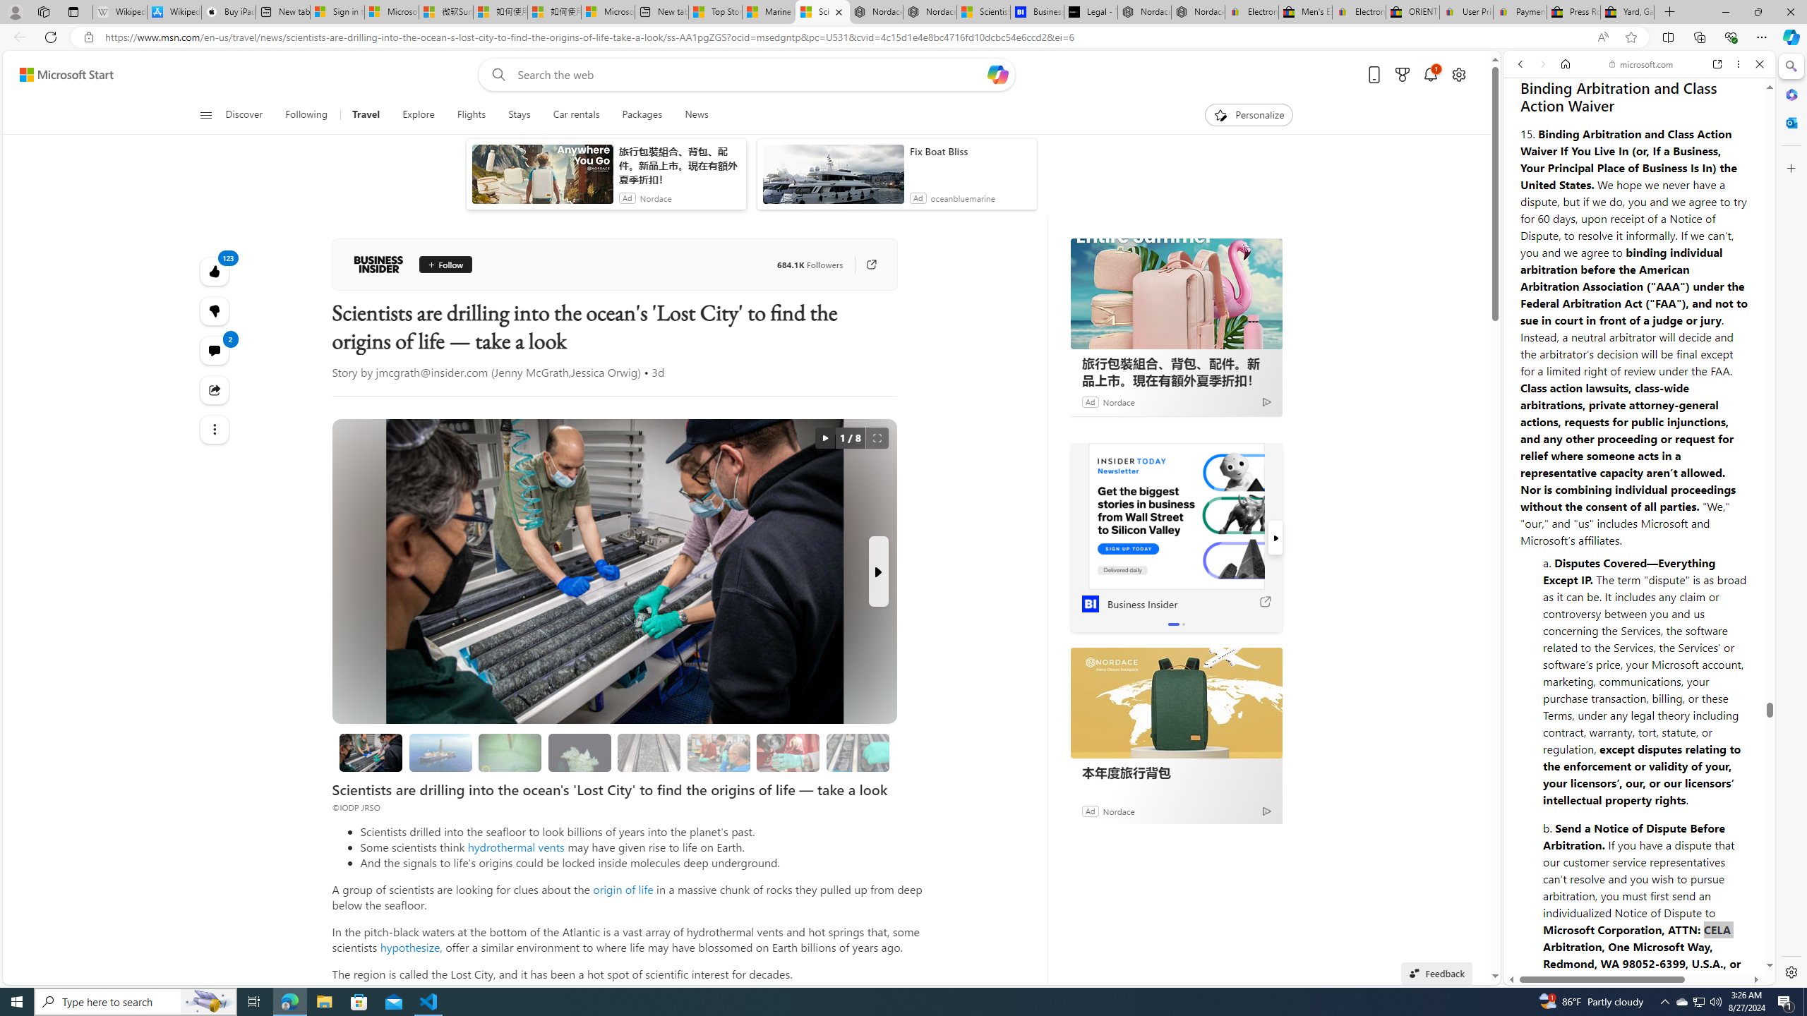 This screenshot has width=1807, height=1016. Describe the element at coordinates (57, 73) in the screenshot. I see `'Skip to footer'` at that location.